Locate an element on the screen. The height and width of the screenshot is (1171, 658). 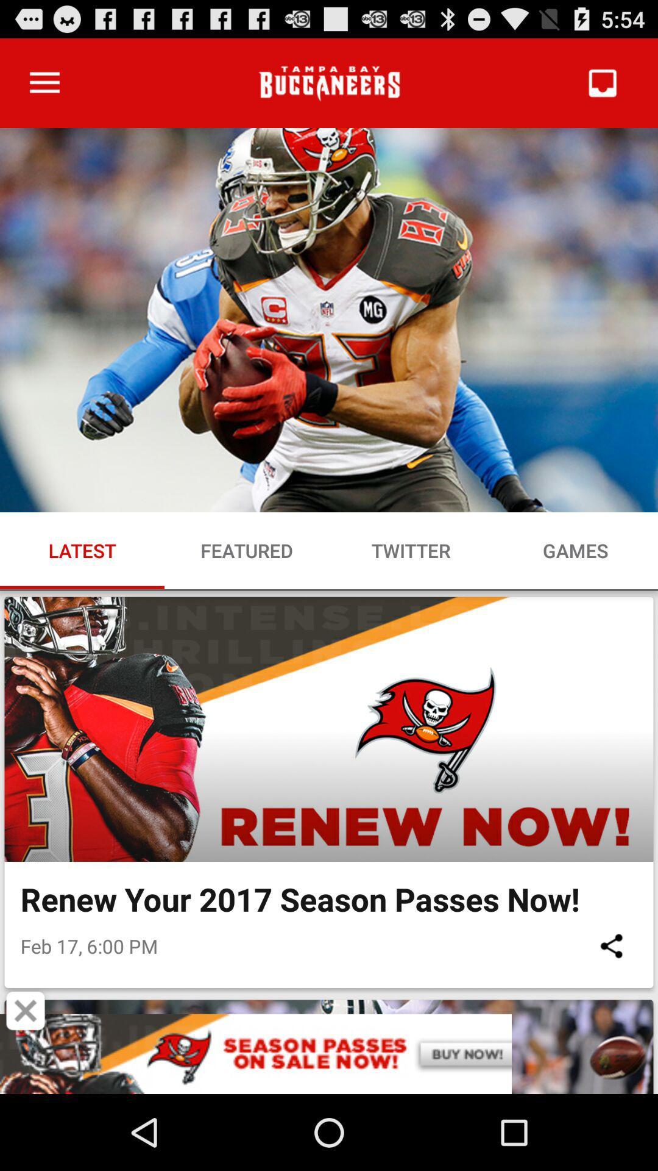
the third image is located at coordinates (329, 1047).